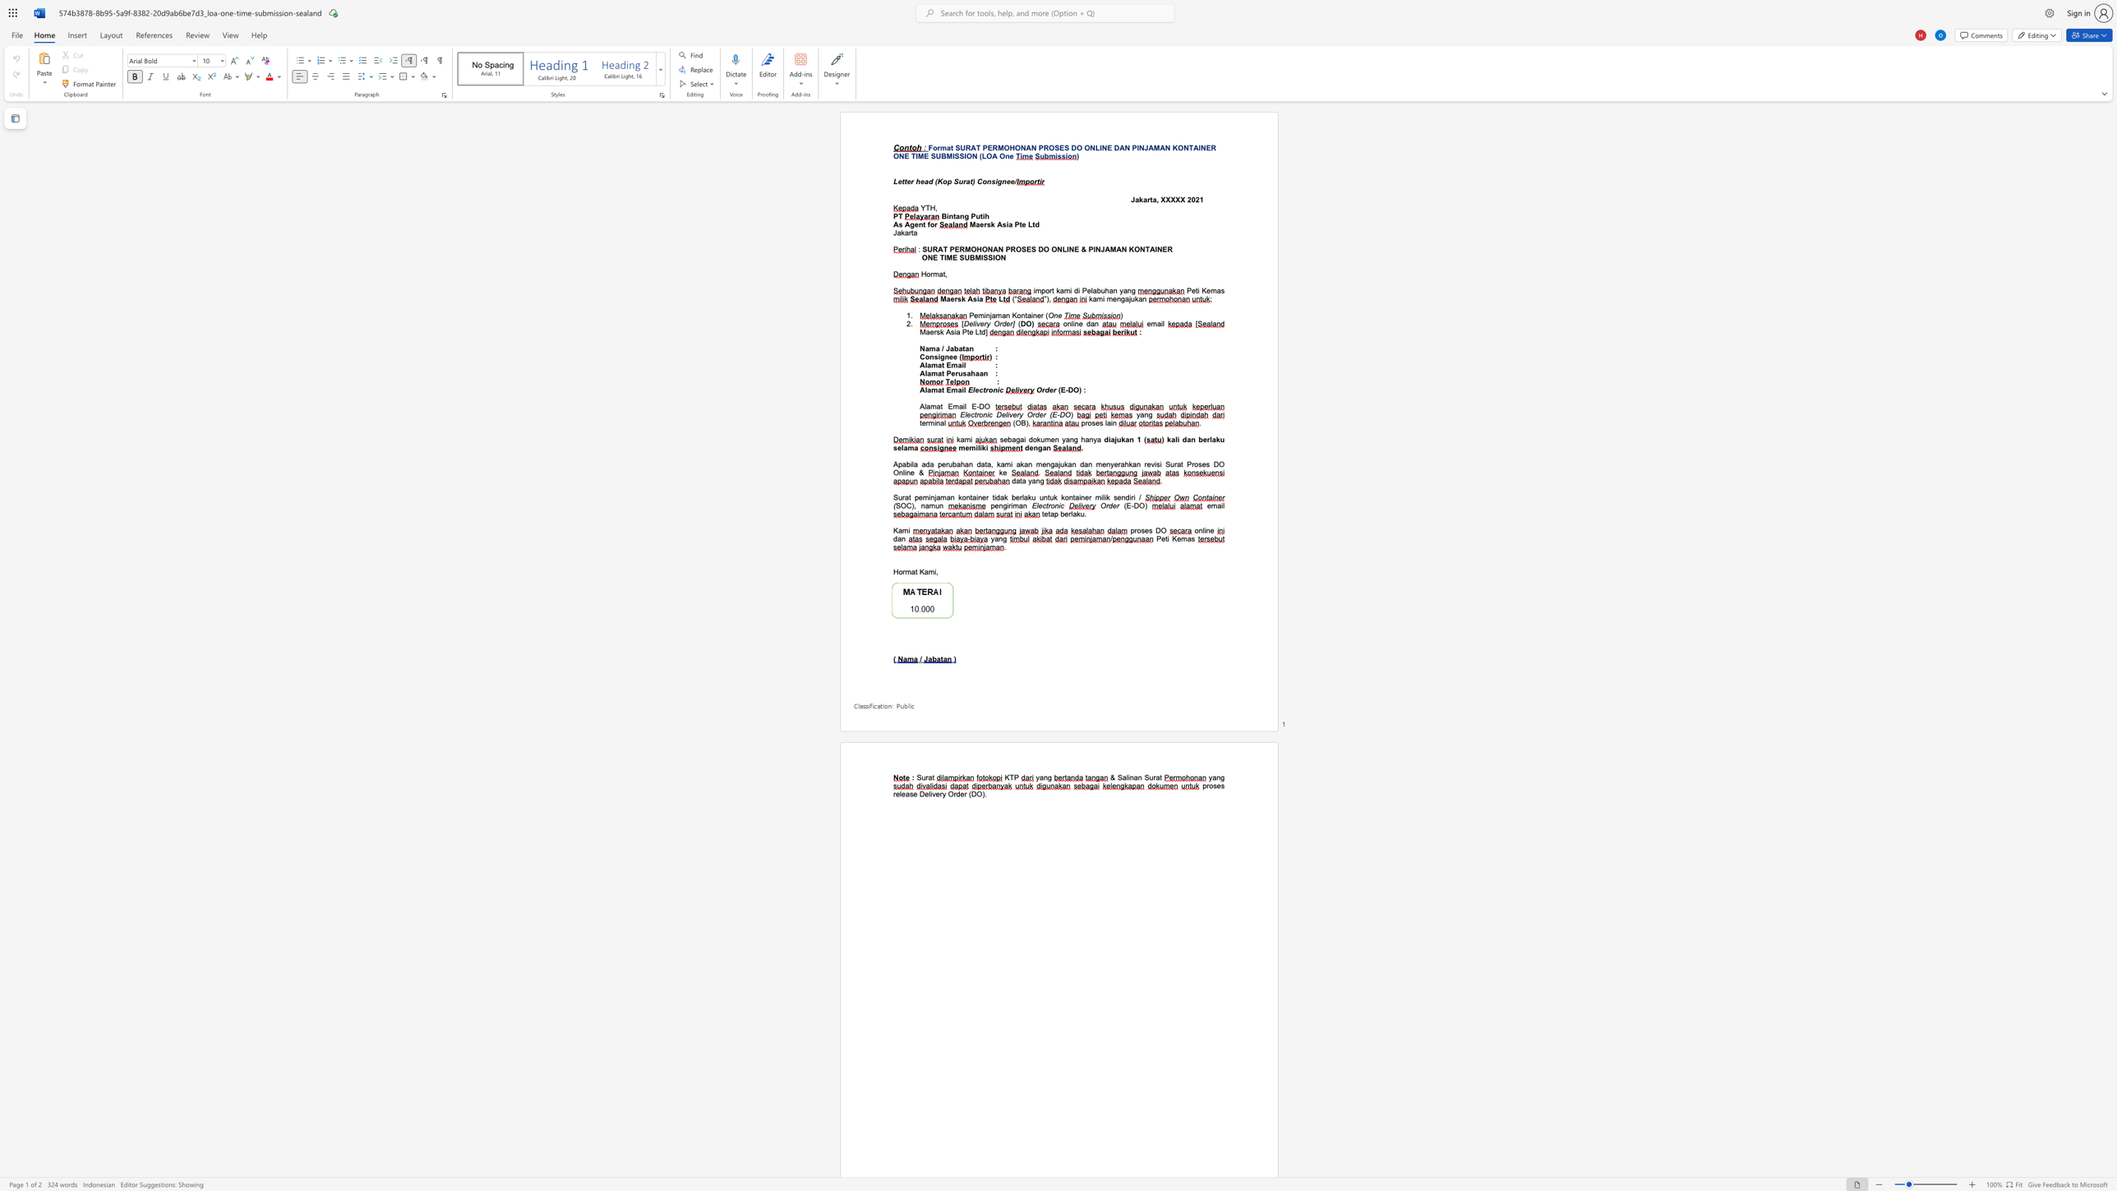  What do you see at coordinates (916, 155) in the screenshot?
I see `the space between the continuous character "T" and "I" in the text` at bounding box center [916, 155].